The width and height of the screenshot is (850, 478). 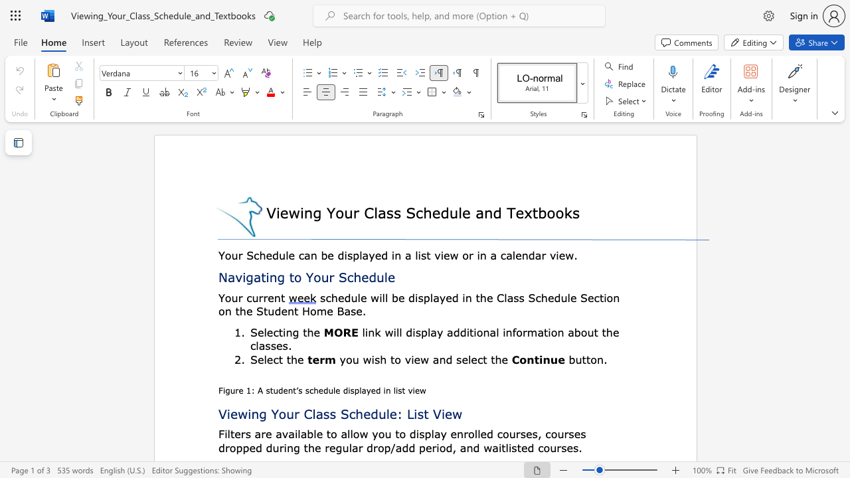 What do you see at coordinates (349, 447) in the screenshot?
I see `the subset text "lar dr" within the text "Filters are available to allow you to display enrolled courses, courses dropped during the regular drop/add period, and waitlisted courses."` at bounding box center [349, 447].